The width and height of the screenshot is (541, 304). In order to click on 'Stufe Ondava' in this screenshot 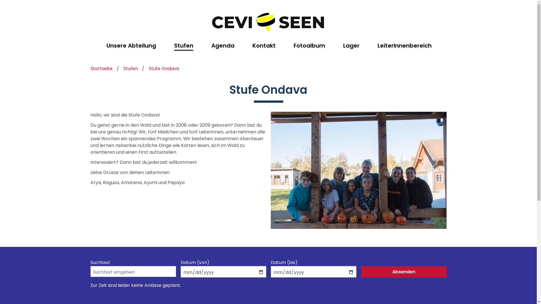, I will do `click(163, 69)`.